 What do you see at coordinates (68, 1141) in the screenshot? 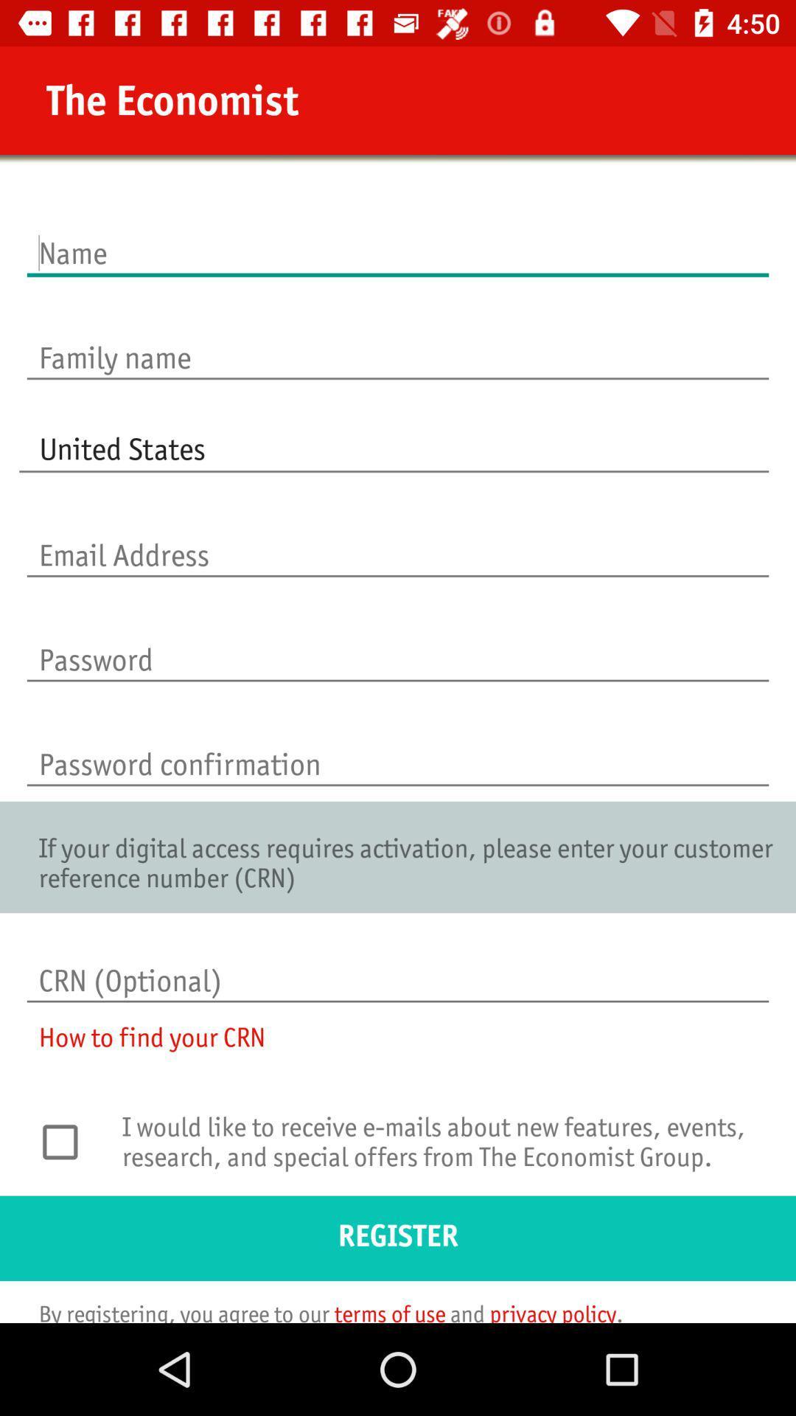
I see `icon next to the i would like item` at bounding box center [68, 1141].